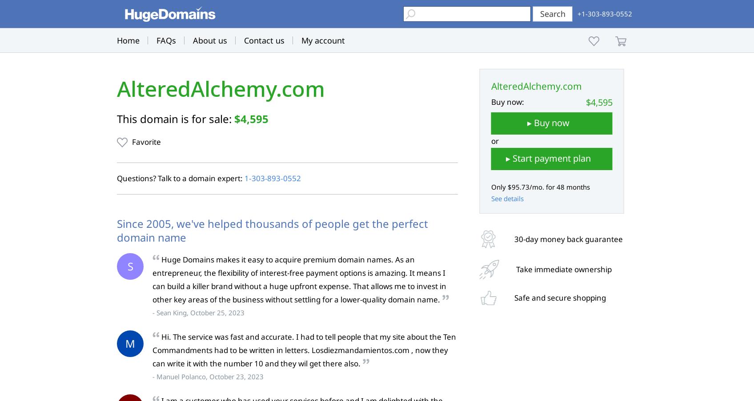 The image size is (754, 401). I want to click on 'Home', so click(128, 40).